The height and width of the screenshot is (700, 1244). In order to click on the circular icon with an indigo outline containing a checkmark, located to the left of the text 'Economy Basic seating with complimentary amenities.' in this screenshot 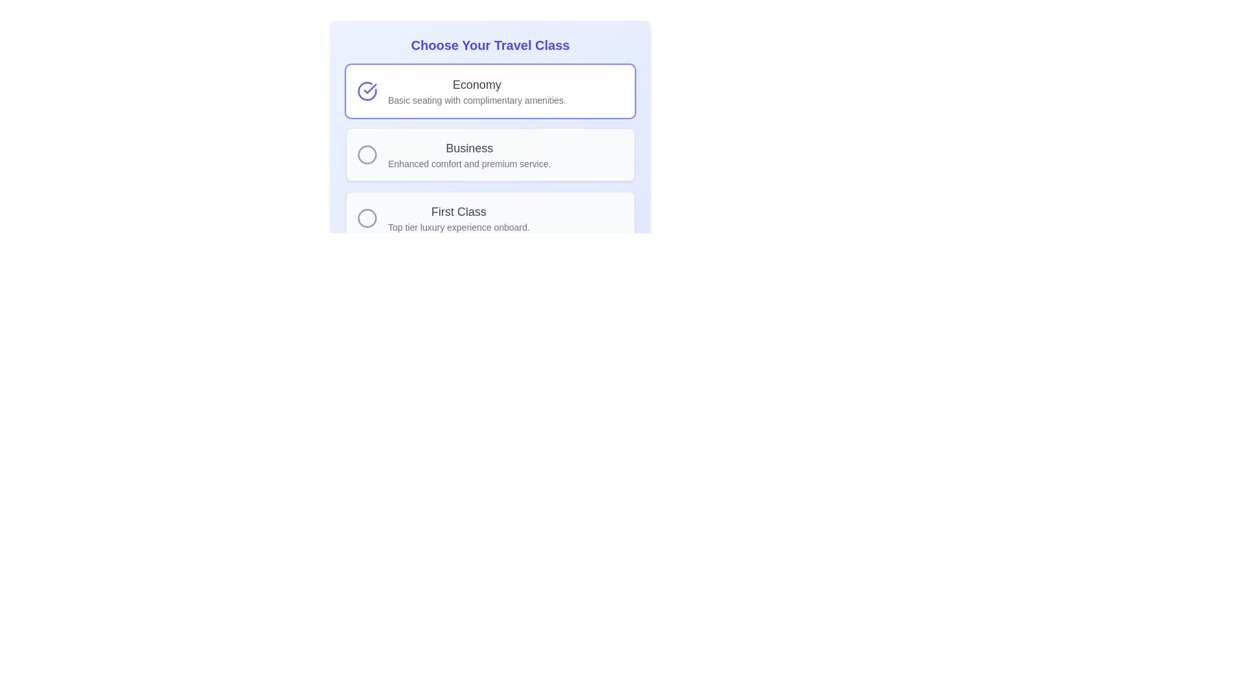, I will do `click(372, 91)`.